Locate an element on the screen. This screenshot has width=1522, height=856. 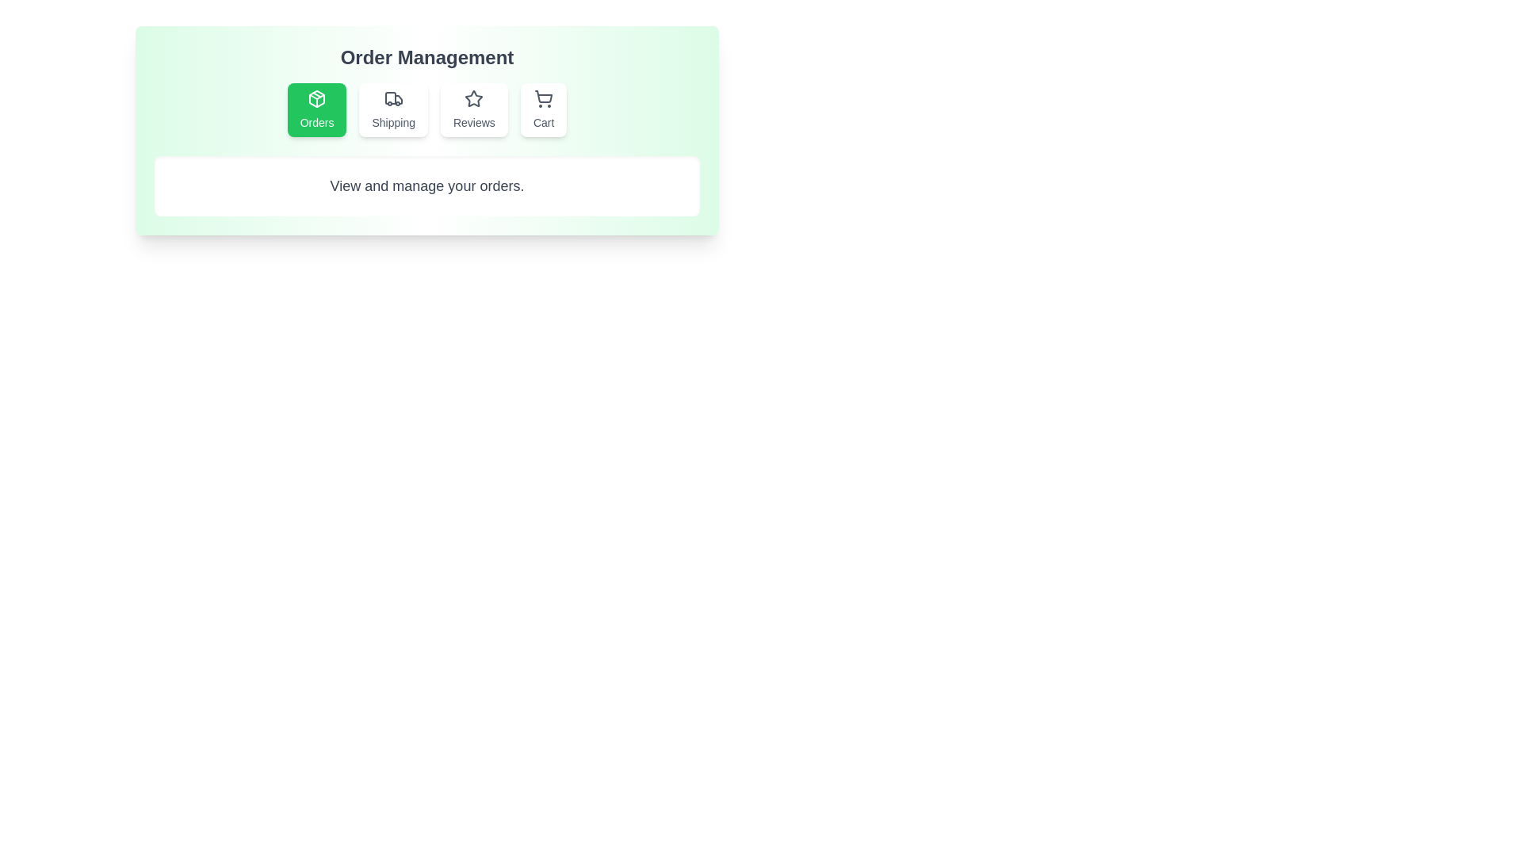
the informational text box providing guidance related to orders, positioned below the 'Order Management' title and the clickable options ('Orders', 'Shipping', 'Reviews', 'Cart') is located at coordinates (426, 185).